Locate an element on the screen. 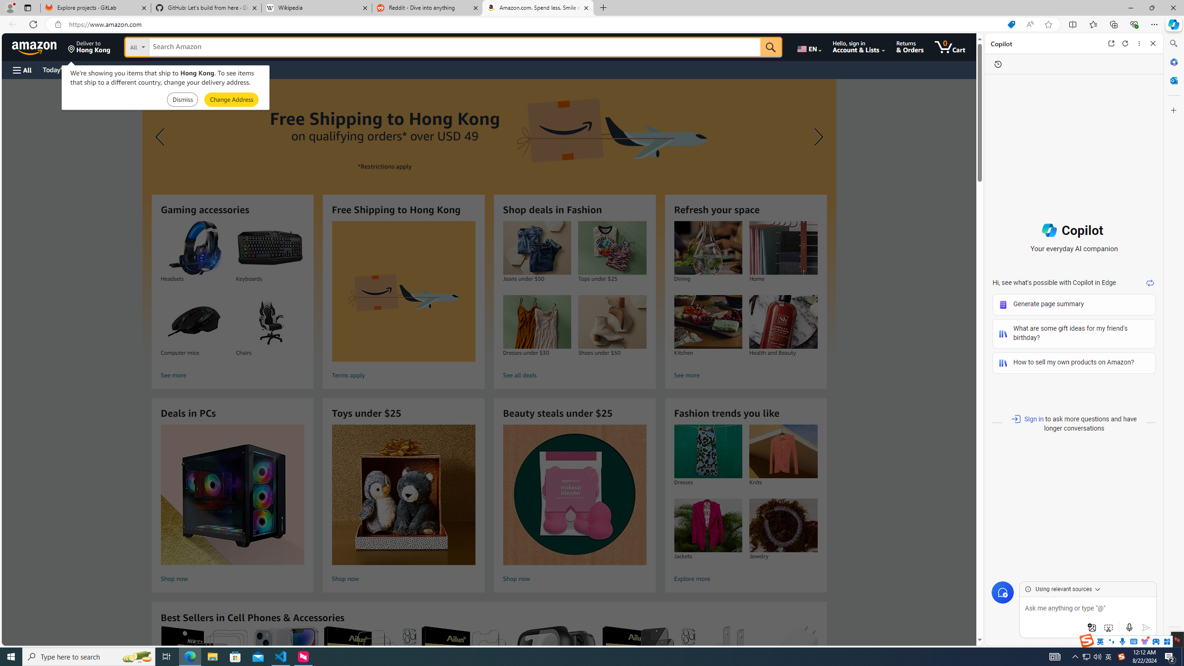 Image resolution: width=1184 pixels, height=666 pixels. 'Knits' is located at coordinates (783, 451).